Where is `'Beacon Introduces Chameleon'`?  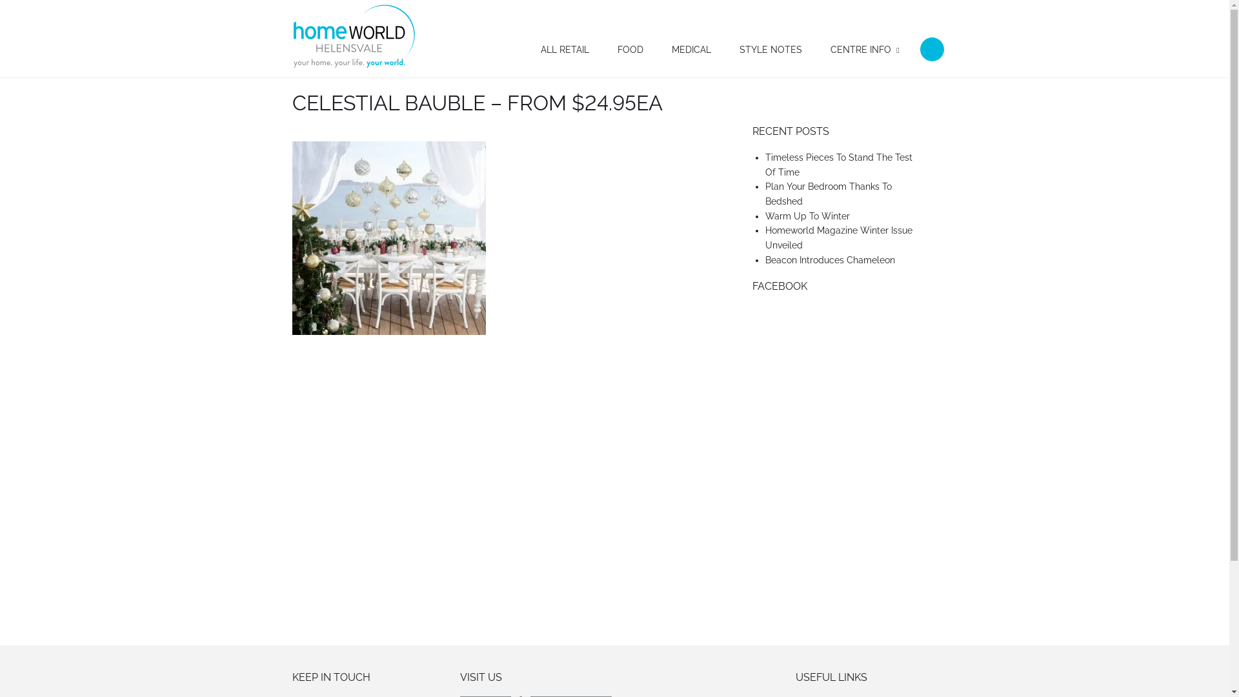 'Beacon Introduces Chameleon' is located at coordinates (830, 259).